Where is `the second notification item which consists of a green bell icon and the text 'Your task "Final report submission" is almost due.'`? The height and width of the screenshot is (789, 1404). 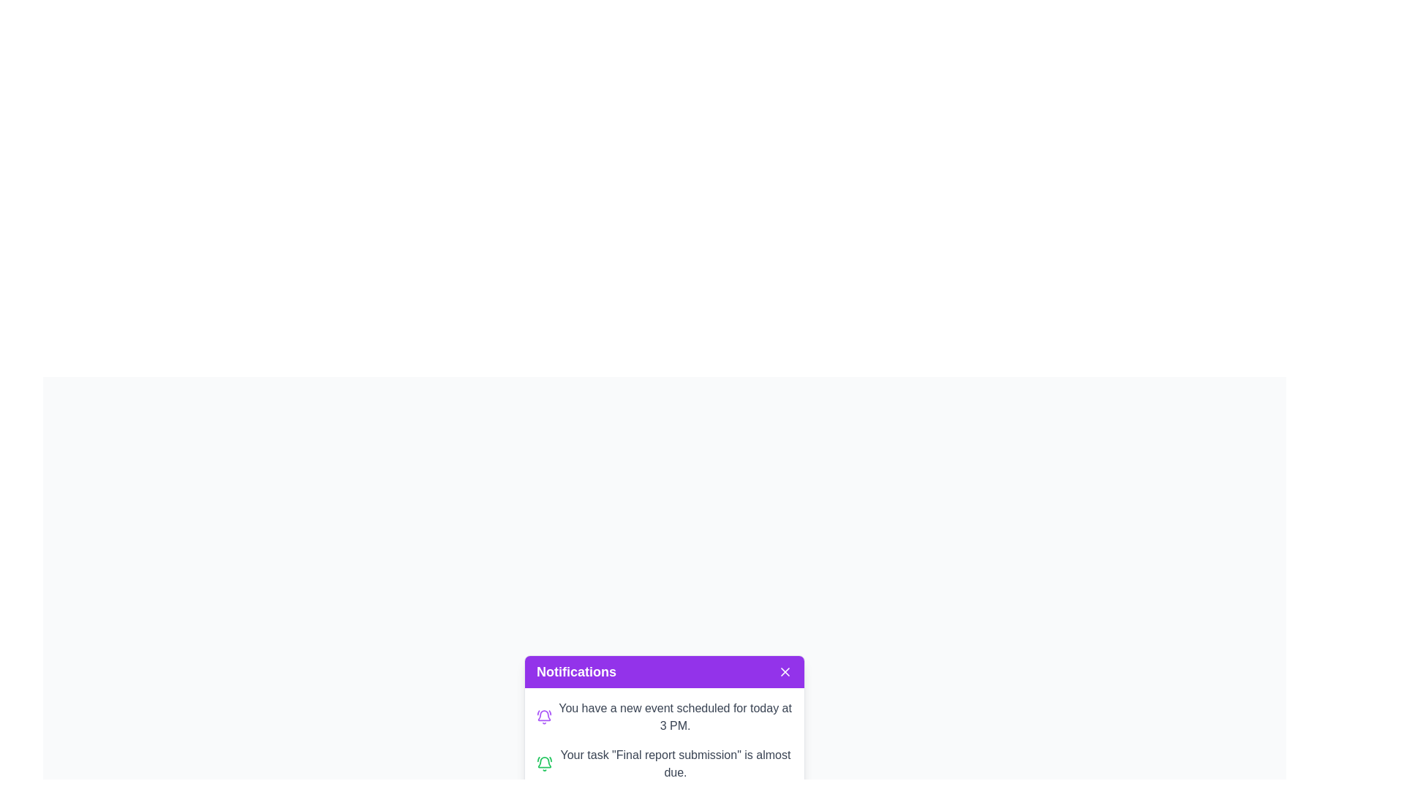
the second notification item which consists of a green bell icon and the text 'Your task "Final report submission" is almost due.' is located at coordinates (663, 763).